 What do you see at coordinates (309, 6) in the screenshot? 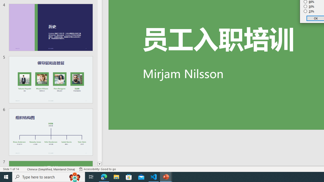
I see `'50%'` at bounding box center [309, 6].